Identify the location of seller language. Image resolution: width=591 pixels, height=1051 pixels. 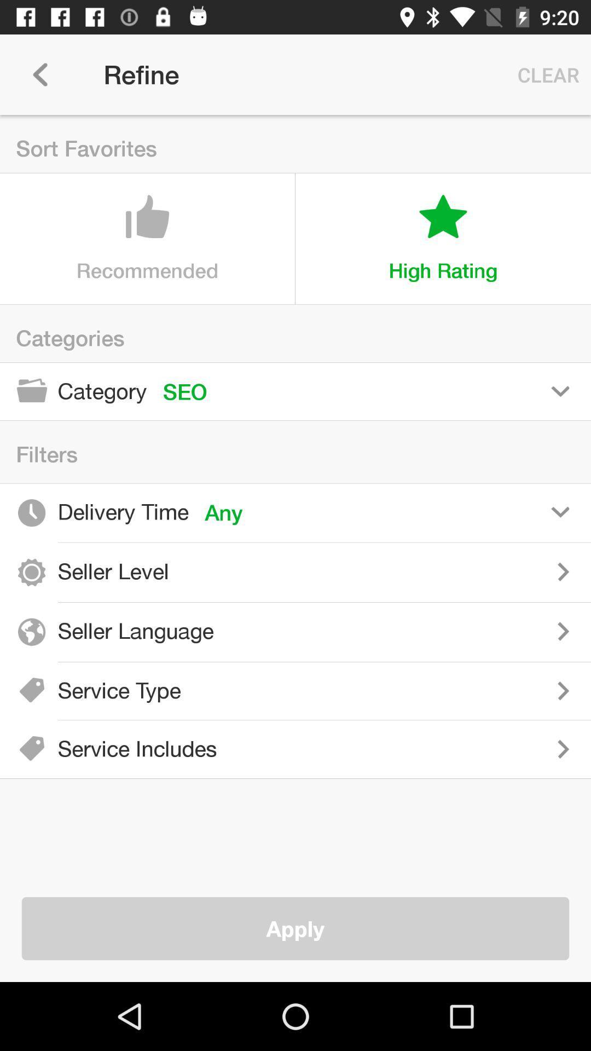
(410, 631).